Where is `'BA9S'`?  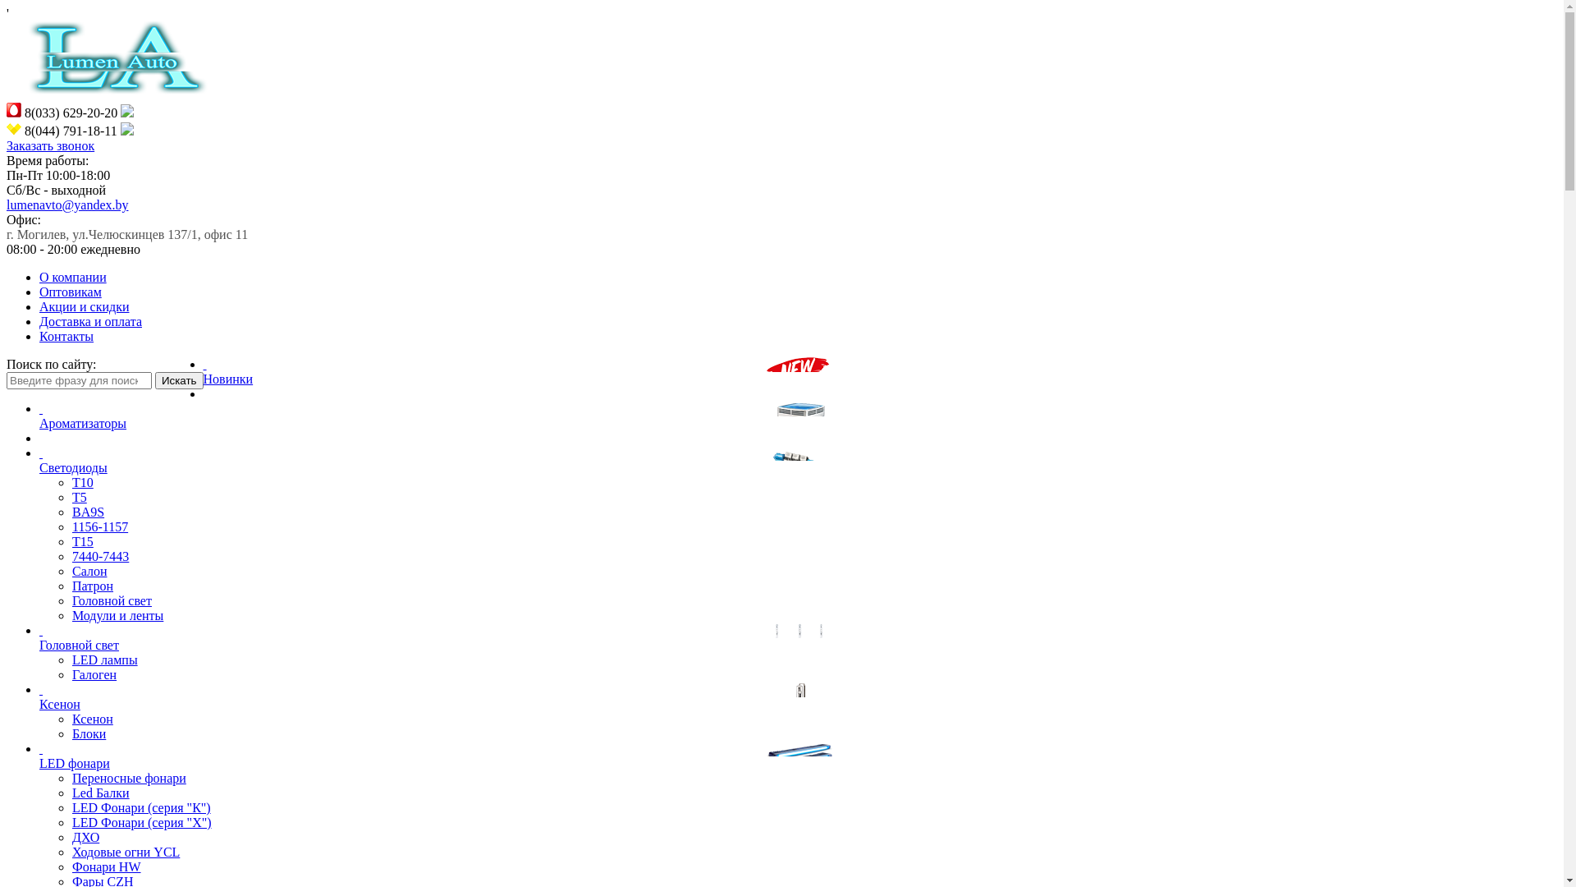
'BA9S' is located at coordinates (87, 511).